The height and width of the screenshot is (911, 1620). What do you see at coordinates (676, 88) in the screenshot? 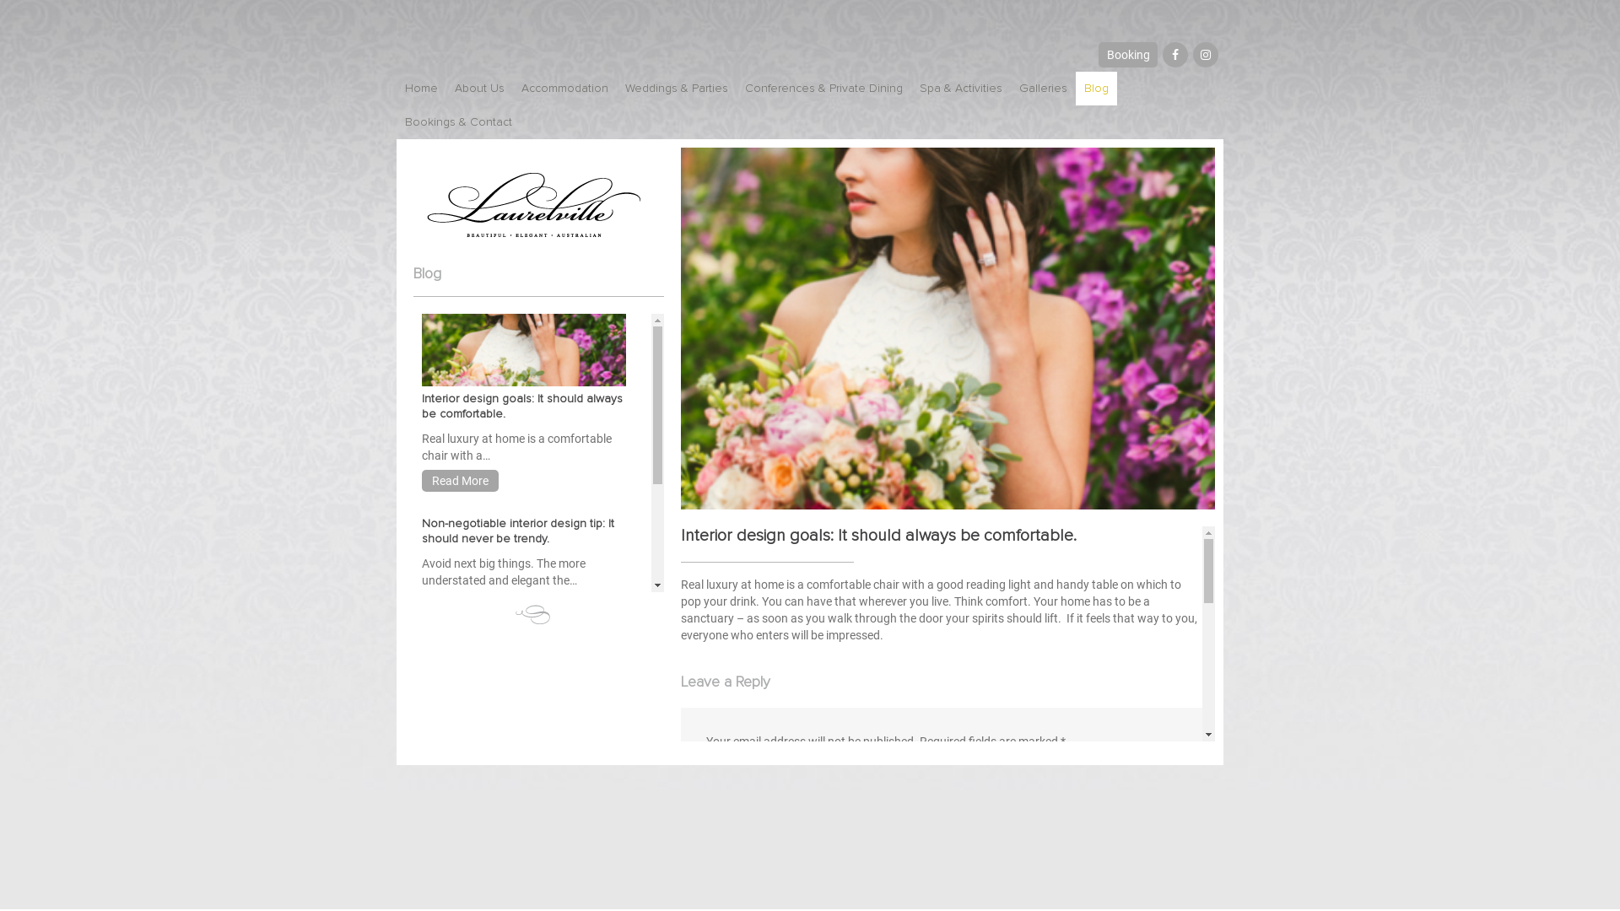
I see `'Weddings & Parties'` at bounding box center [676, 88].